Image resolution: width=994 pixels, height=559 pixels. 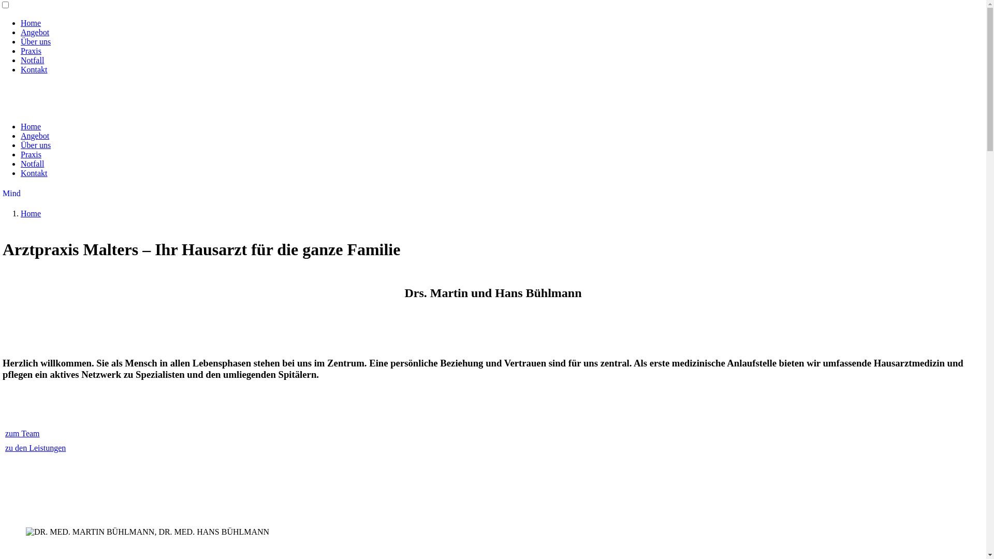 I want to click on 'Angebot', so click(x=35, y=32).